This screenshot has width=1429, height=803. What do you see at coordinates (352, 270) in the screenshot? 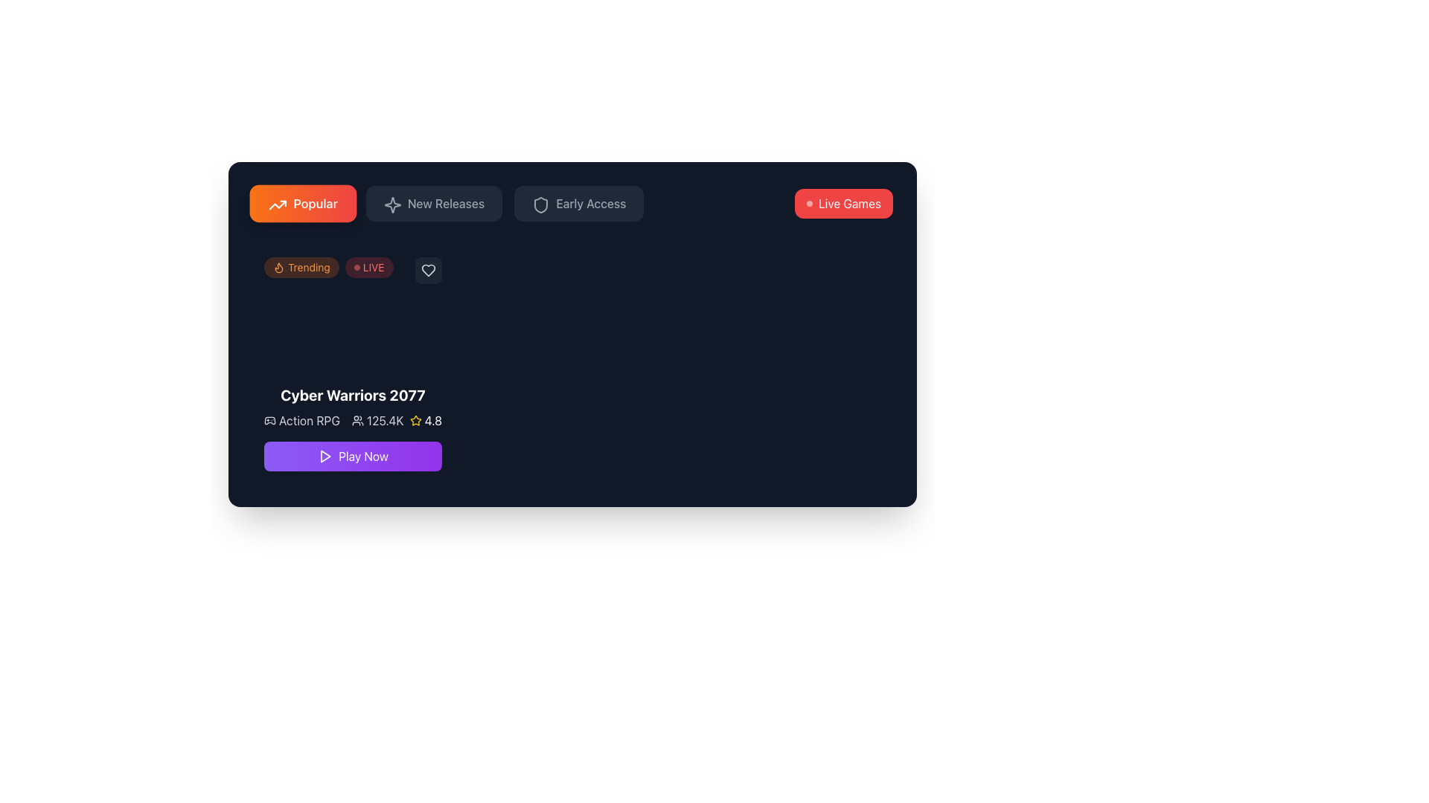
I see `the Status label or badge group that displays 'Trending LIVE', which features a flame icon and a red circular badge, located at the top of the card for 'Cyber Warriors 2077'` at bounding box center [352, 270].